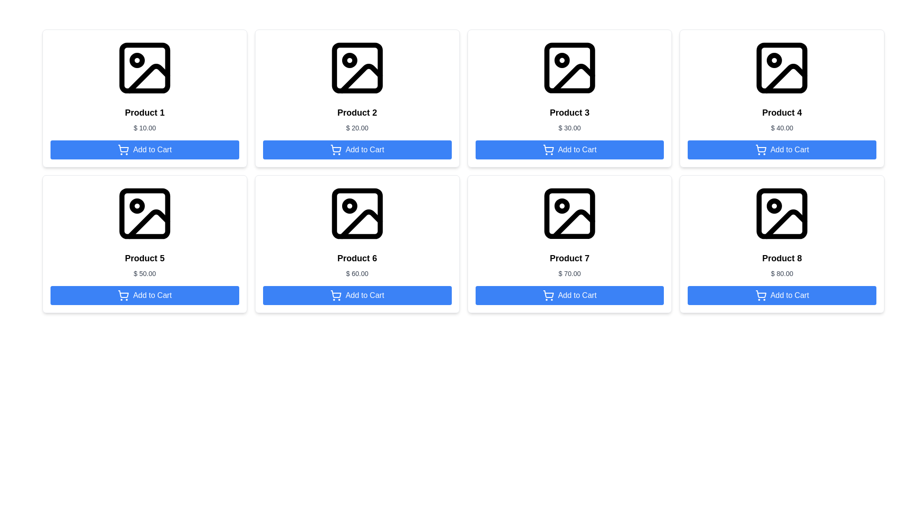 This screenshot has height=514, width=915. What do you see at coordinates (136, 205) in the screenshot?
I see `the small circular icon located in the upper-left region of the fifth product card from the left in the second row of the grid layout` at bounding box center [136, 205].